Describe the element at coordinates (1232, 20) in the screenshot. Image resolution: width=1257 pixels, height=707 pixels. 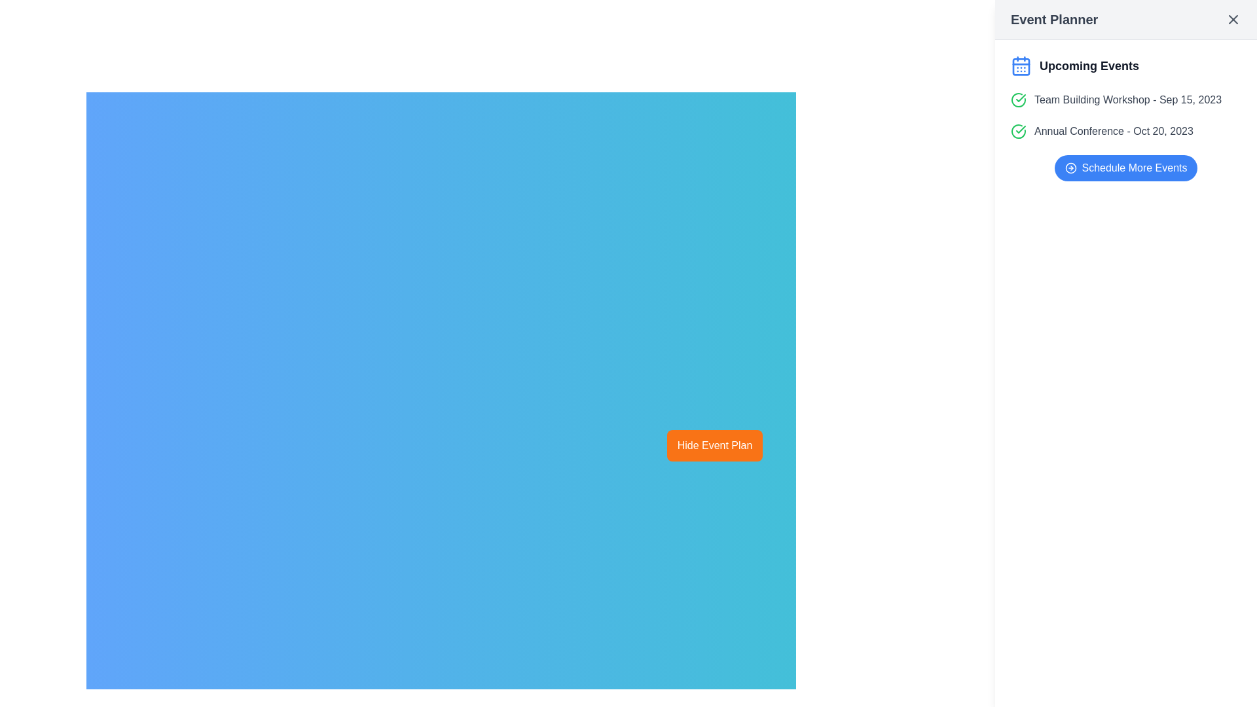
I see `the interactive button located in the top-right corner of the 'Event Planner' header bar` at that location.